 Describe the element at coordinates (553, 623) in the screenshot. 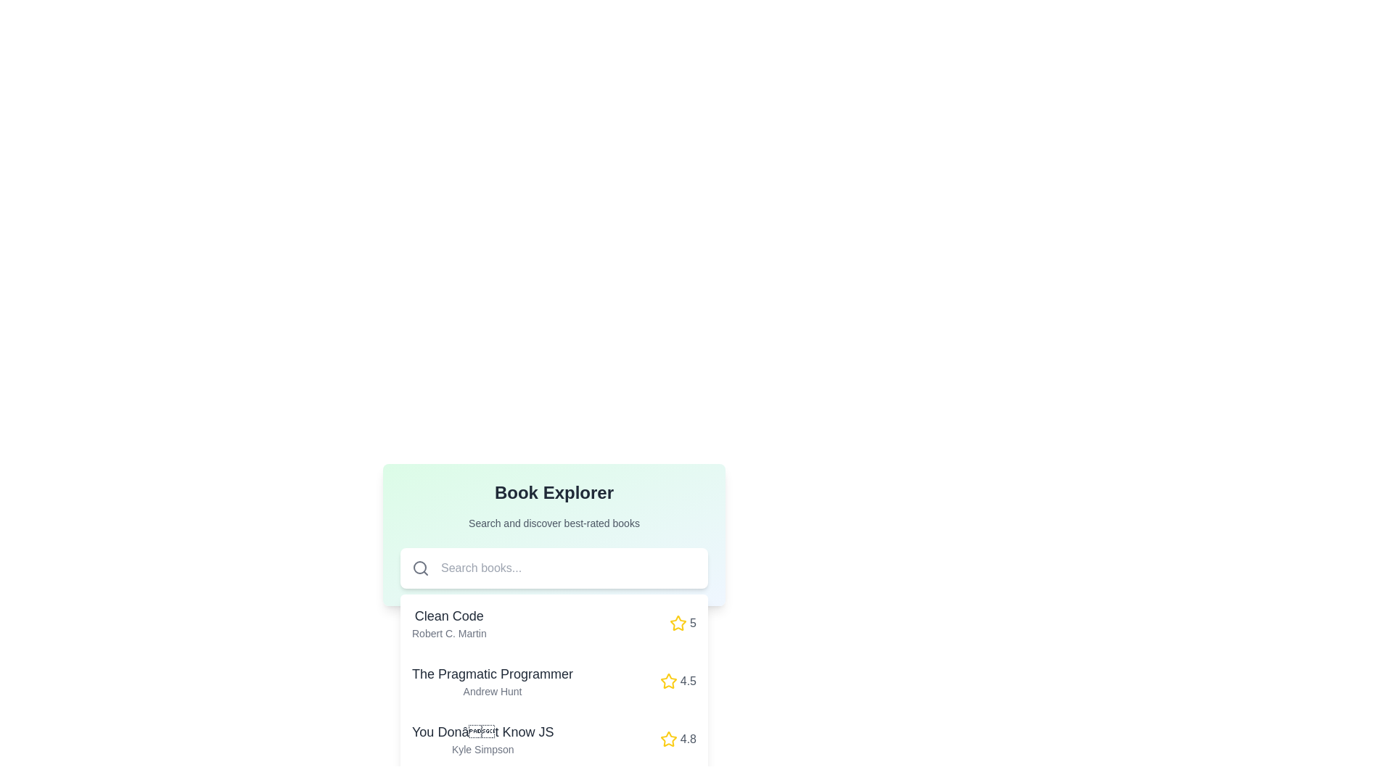

I see `the first book entry in the list, which displays the title, author, and rating` at that location.